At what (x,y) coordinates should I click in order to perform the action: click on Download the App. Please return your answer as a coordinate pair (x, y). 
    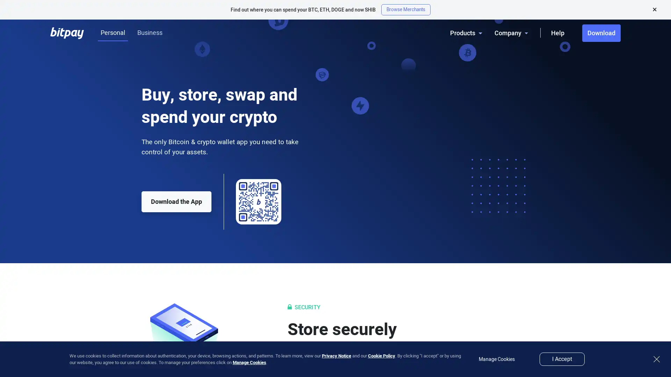
    Looking at the image, I should click on (176, 202).